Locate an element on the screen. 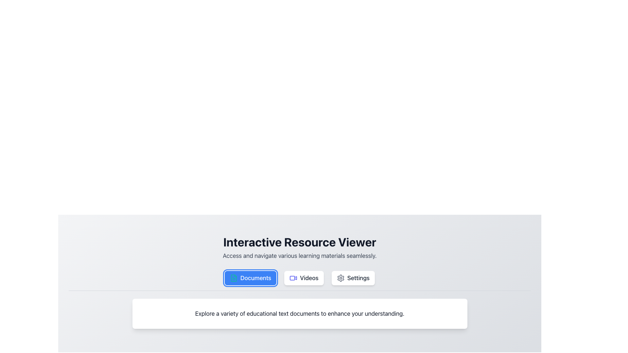 The height and width of the screenshot is (353, 628). the cogwheel icon located inside the 'Settings' button, which indicates settings or configuration options is located at coordinates (340, 278).